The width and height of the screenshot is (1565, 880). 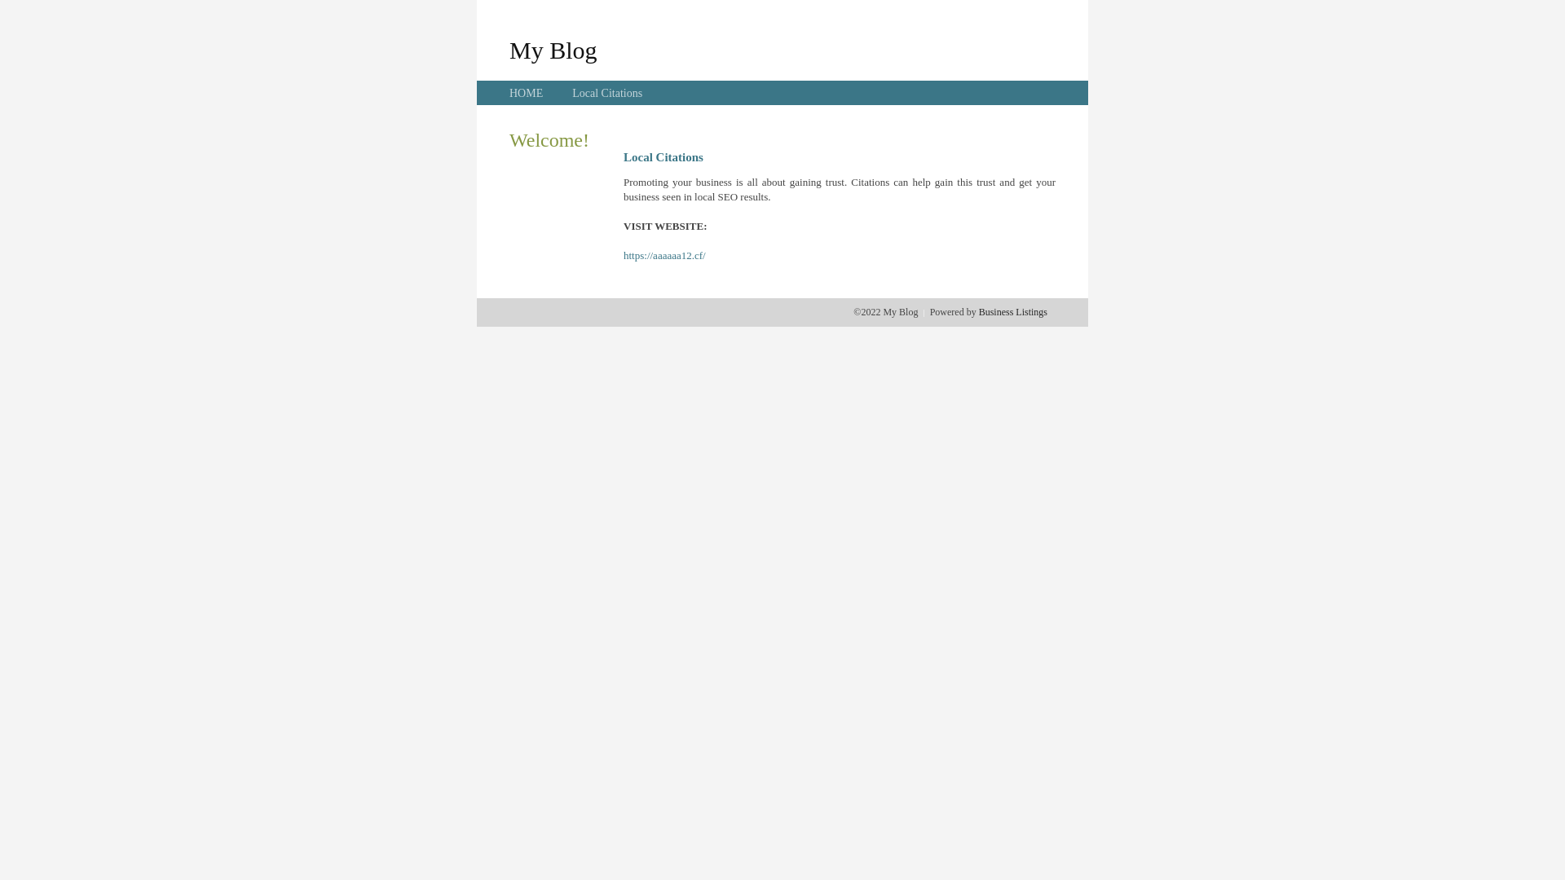 I want to click on 'Business Listings', so click(x=1012, y=311).